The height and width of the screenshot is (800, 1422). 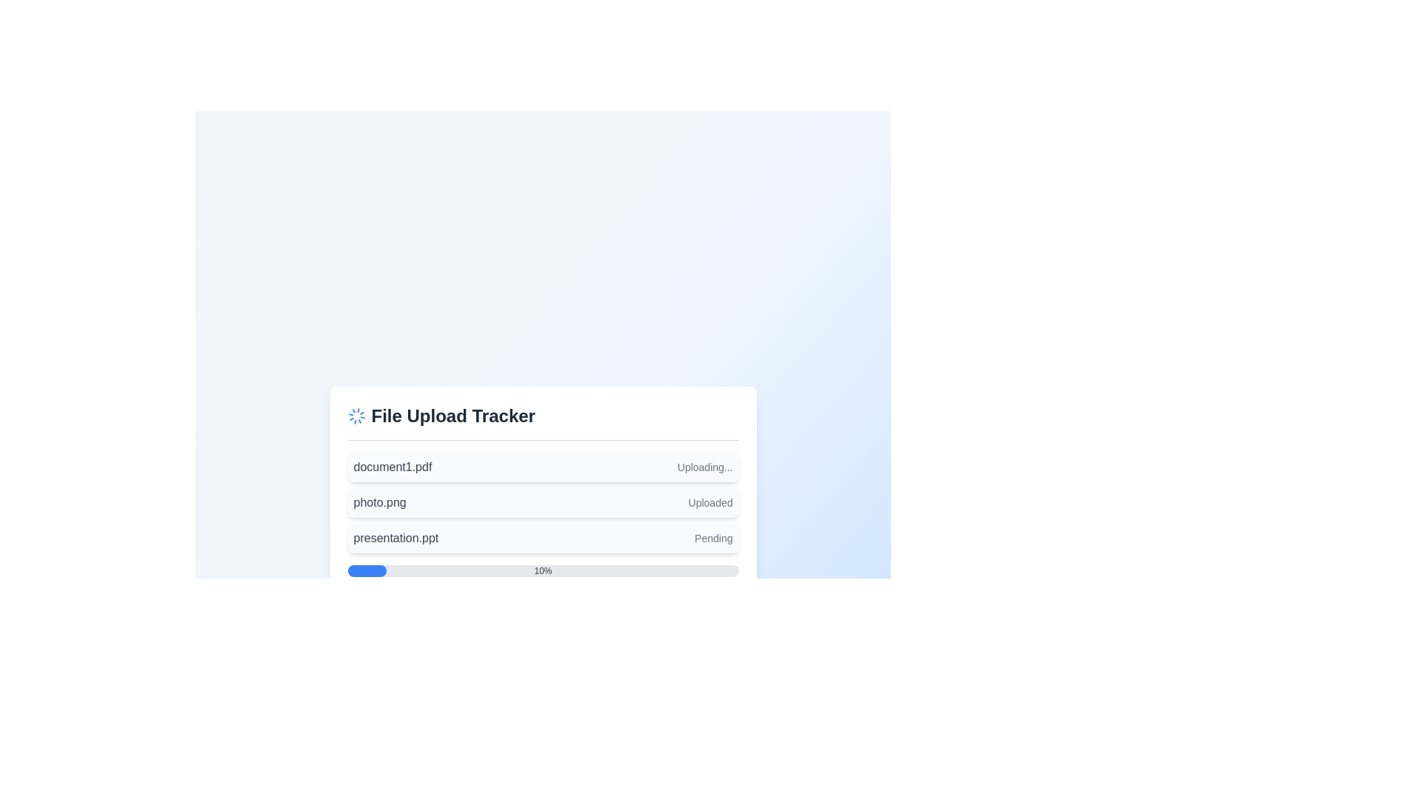 What do you see at coordinates (542, 467) in the screenshot?
I see `the upload status by focusing on the Status bar displaying 'document1.pdf' and 'Uploading...'` at bounding box center [542, 467].